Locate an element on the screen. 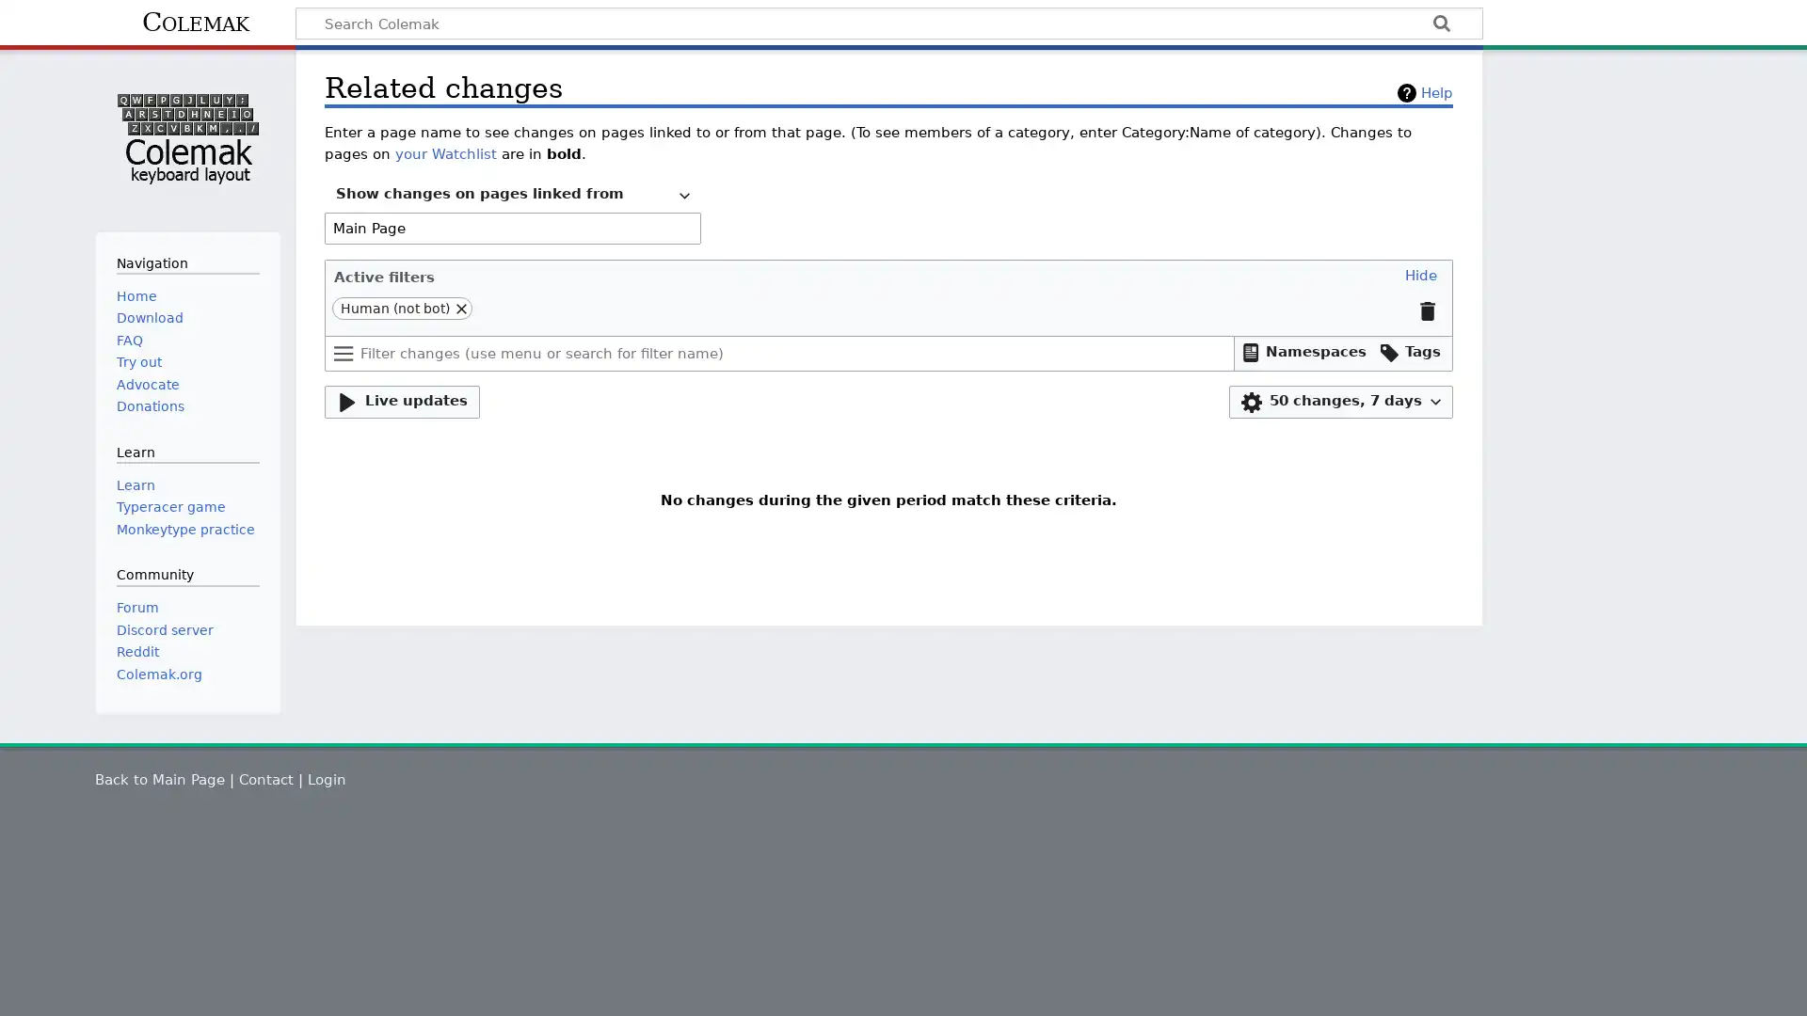 The height and width of the screenshot is (1016, 1807). Hide is located at coordinates (1421, 276).